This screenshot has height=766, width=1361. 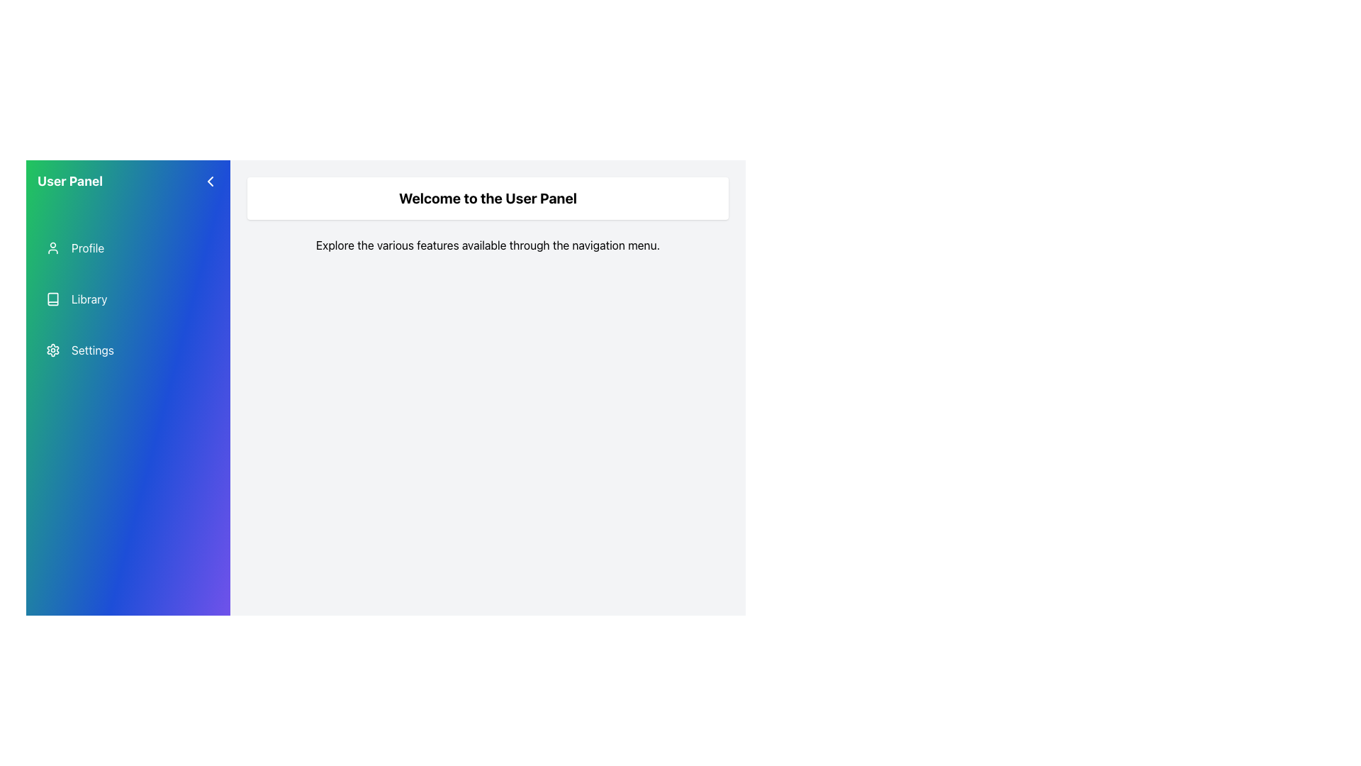 I want to click on the navigation button located in the left sidebar, which is situated directly below the 'Profile' button and above the 'Settings' button, so click(x=128, y=298).